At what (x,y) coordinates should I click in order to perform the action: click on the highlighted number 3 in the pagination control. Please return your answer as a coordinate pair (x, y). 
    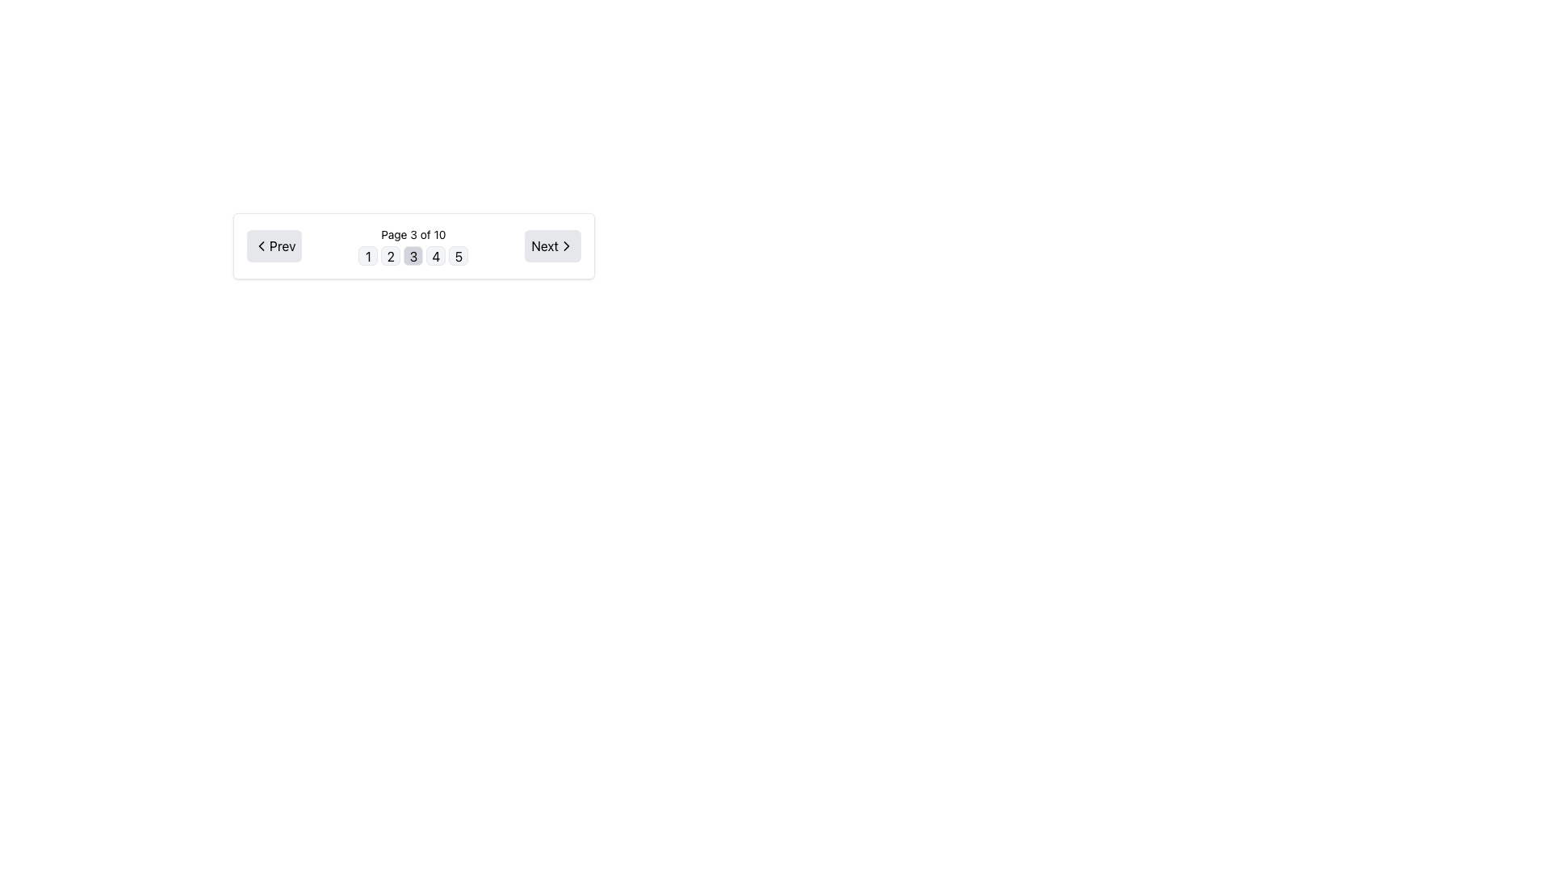
    Looking at the image, I should click on (413, 245).